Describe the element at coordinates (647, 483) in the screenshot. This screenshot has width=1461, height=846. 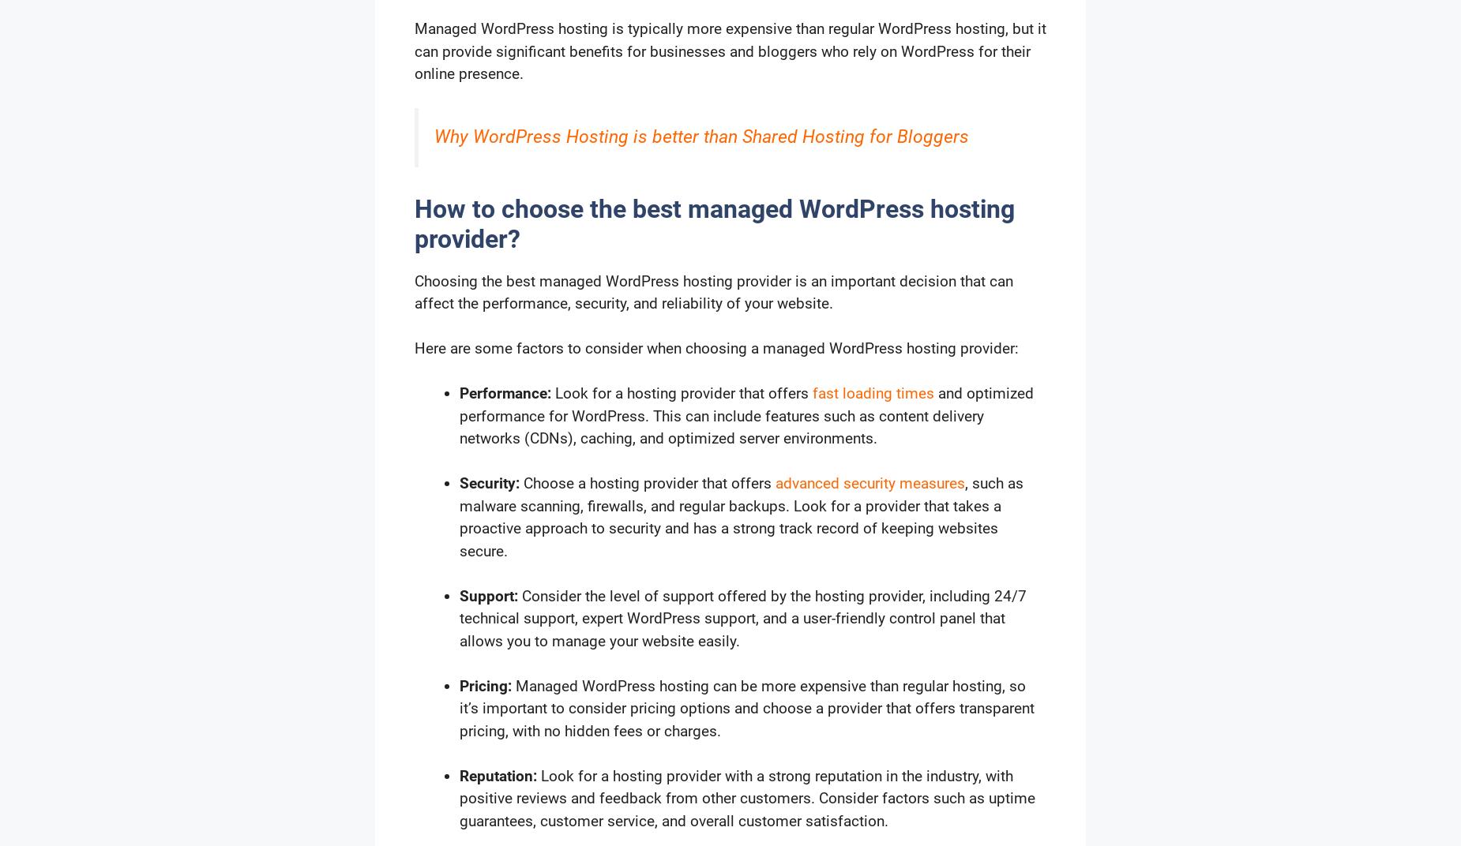
I see `'Choose a hosting provider that offers'` at that location.